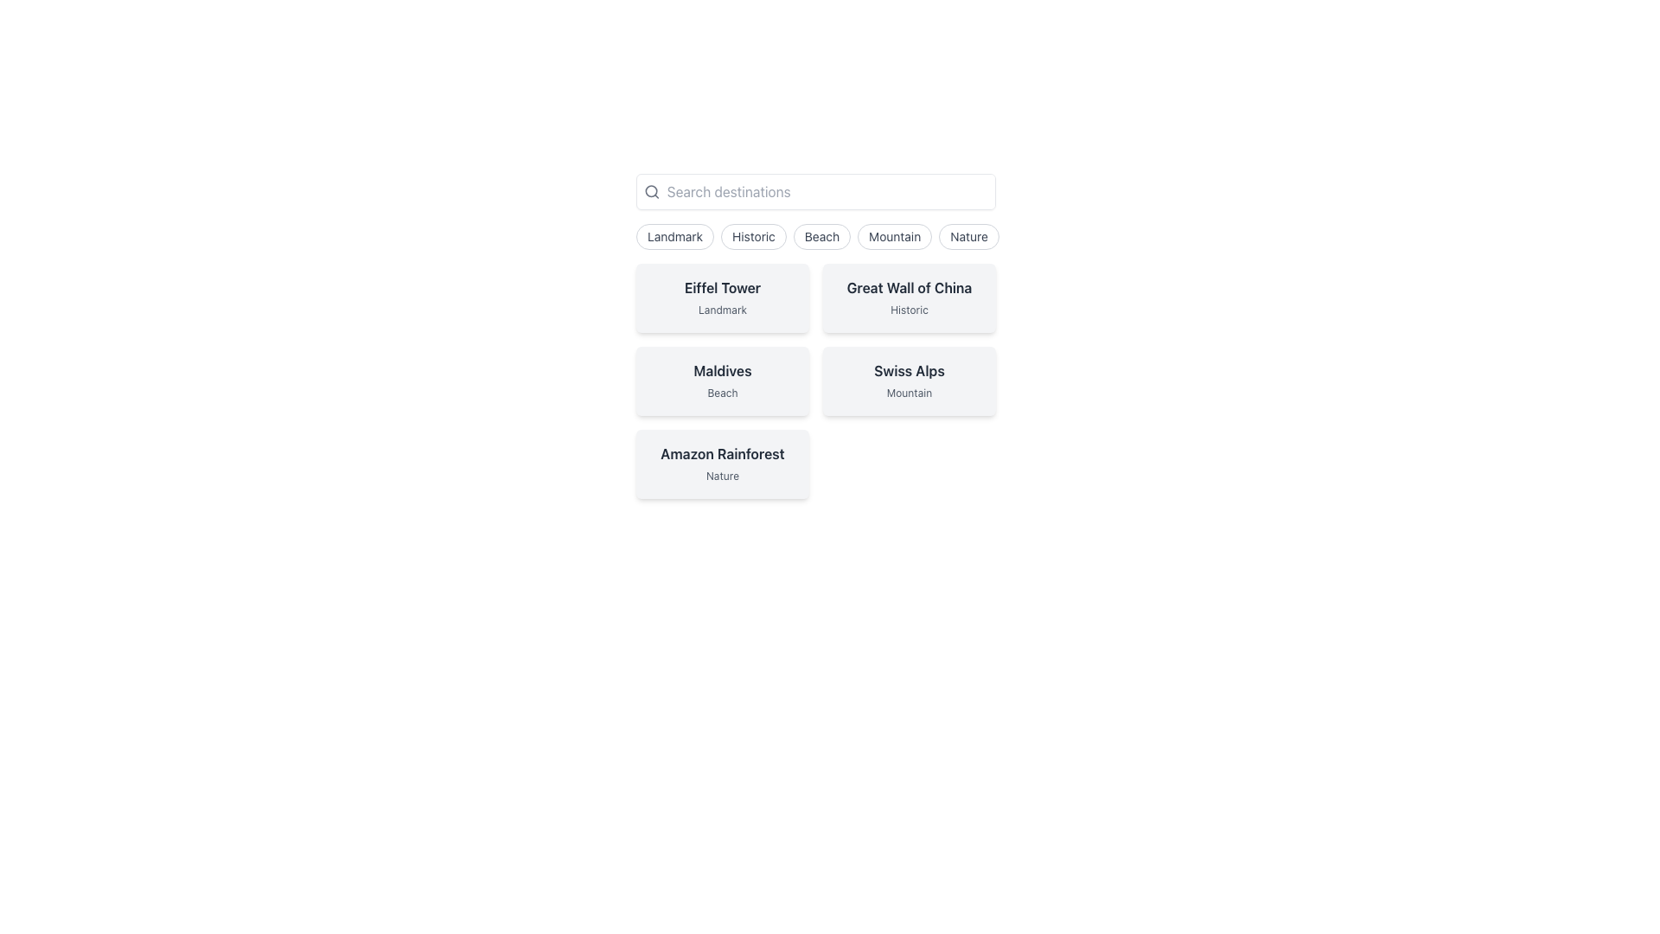 The image size is (1660, 934). I want to click on the text label reading 'Maldives', which is styled in a medium-sized bold font and aligned within a light gray rectangular card, so click(722, 369).